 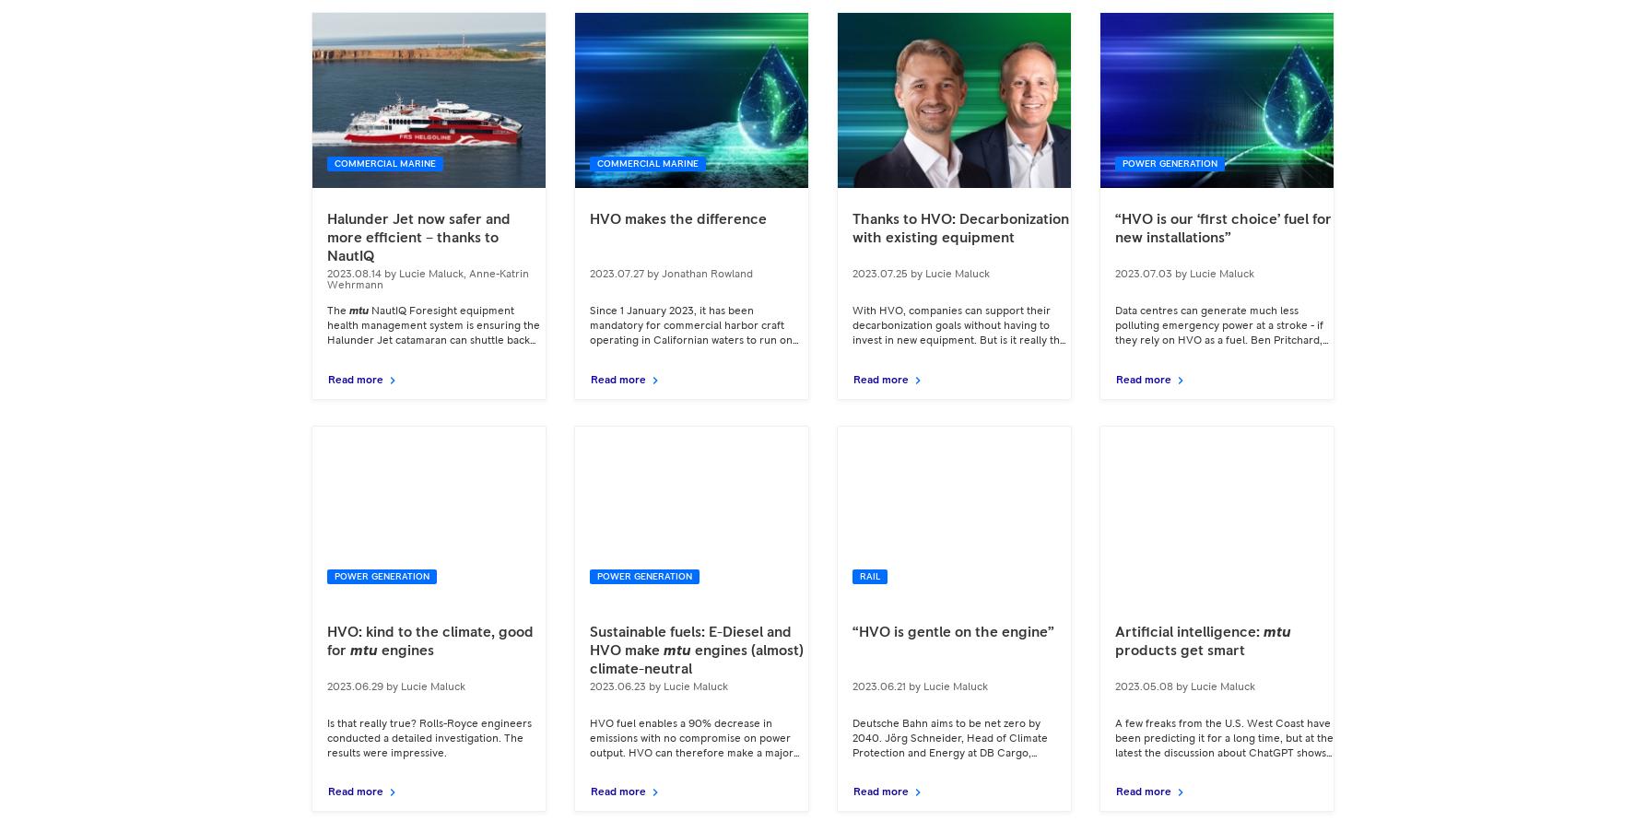 What do you see at coordinates (1115, 650) in the screenshot?
I see `'products get smart'` at bounding box center [1115, 650].